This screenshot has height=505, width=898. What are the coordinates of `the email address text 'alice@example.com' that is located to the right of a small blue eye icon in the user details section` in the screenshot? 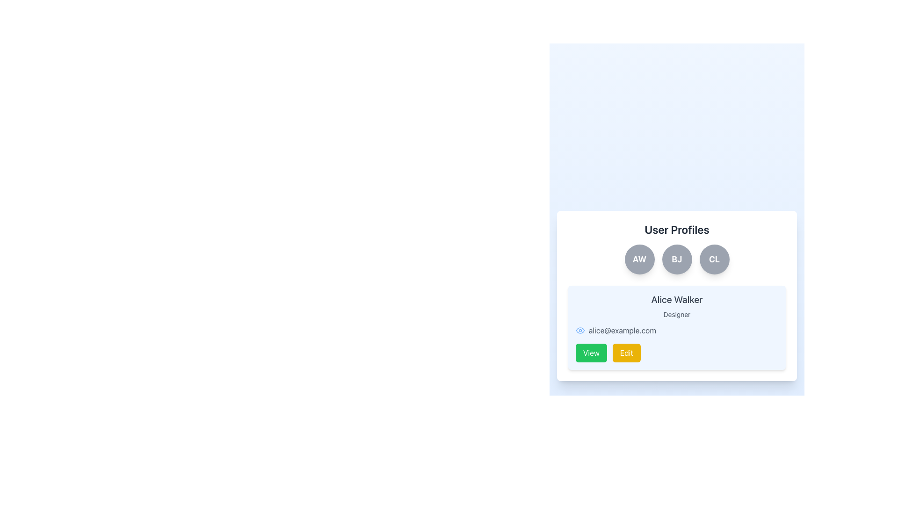 It's located at (622, 330).